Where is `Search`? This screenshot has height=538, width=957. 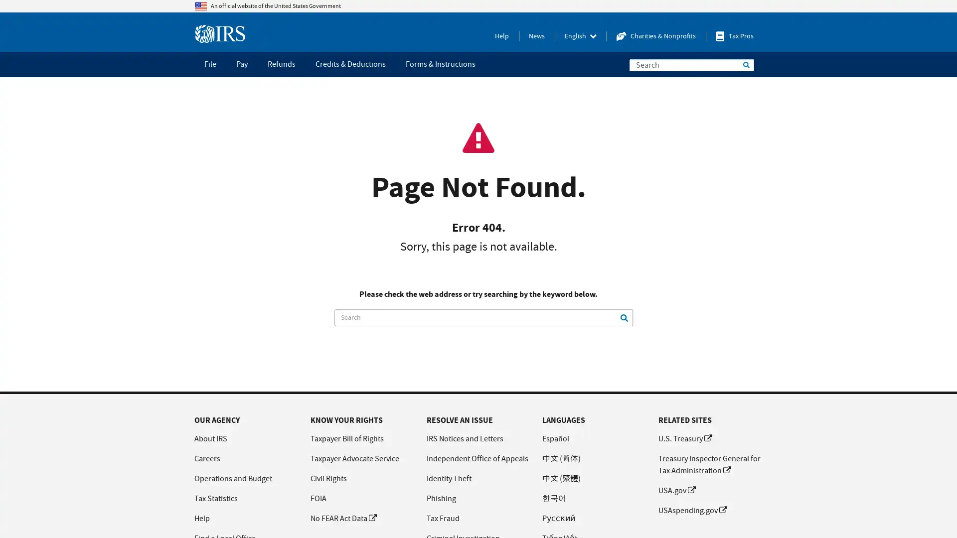 Search is located at coordinates (746, 65).